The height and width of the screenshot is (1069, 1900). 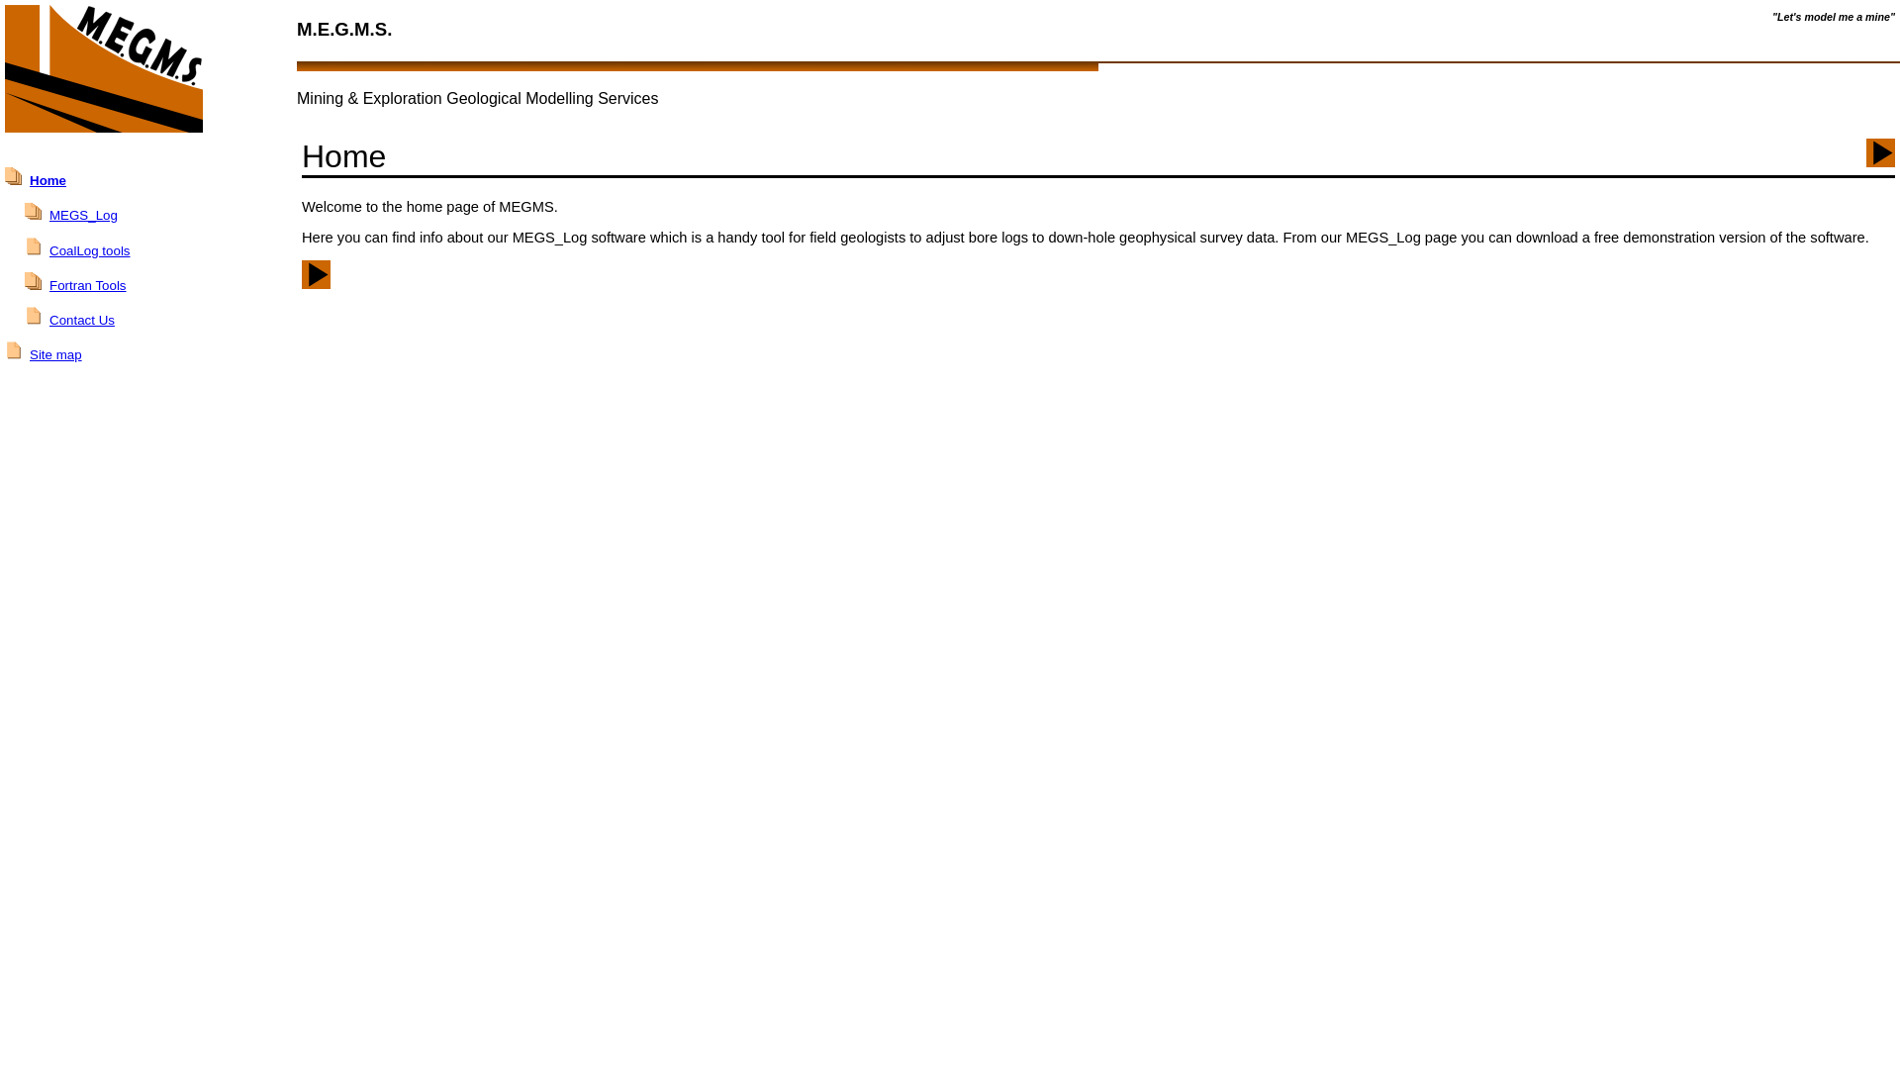 What do you see at coordinates (89, 249) in the screenshot?
I see `'CoalLog tools'` at bounding box center [89, 249].